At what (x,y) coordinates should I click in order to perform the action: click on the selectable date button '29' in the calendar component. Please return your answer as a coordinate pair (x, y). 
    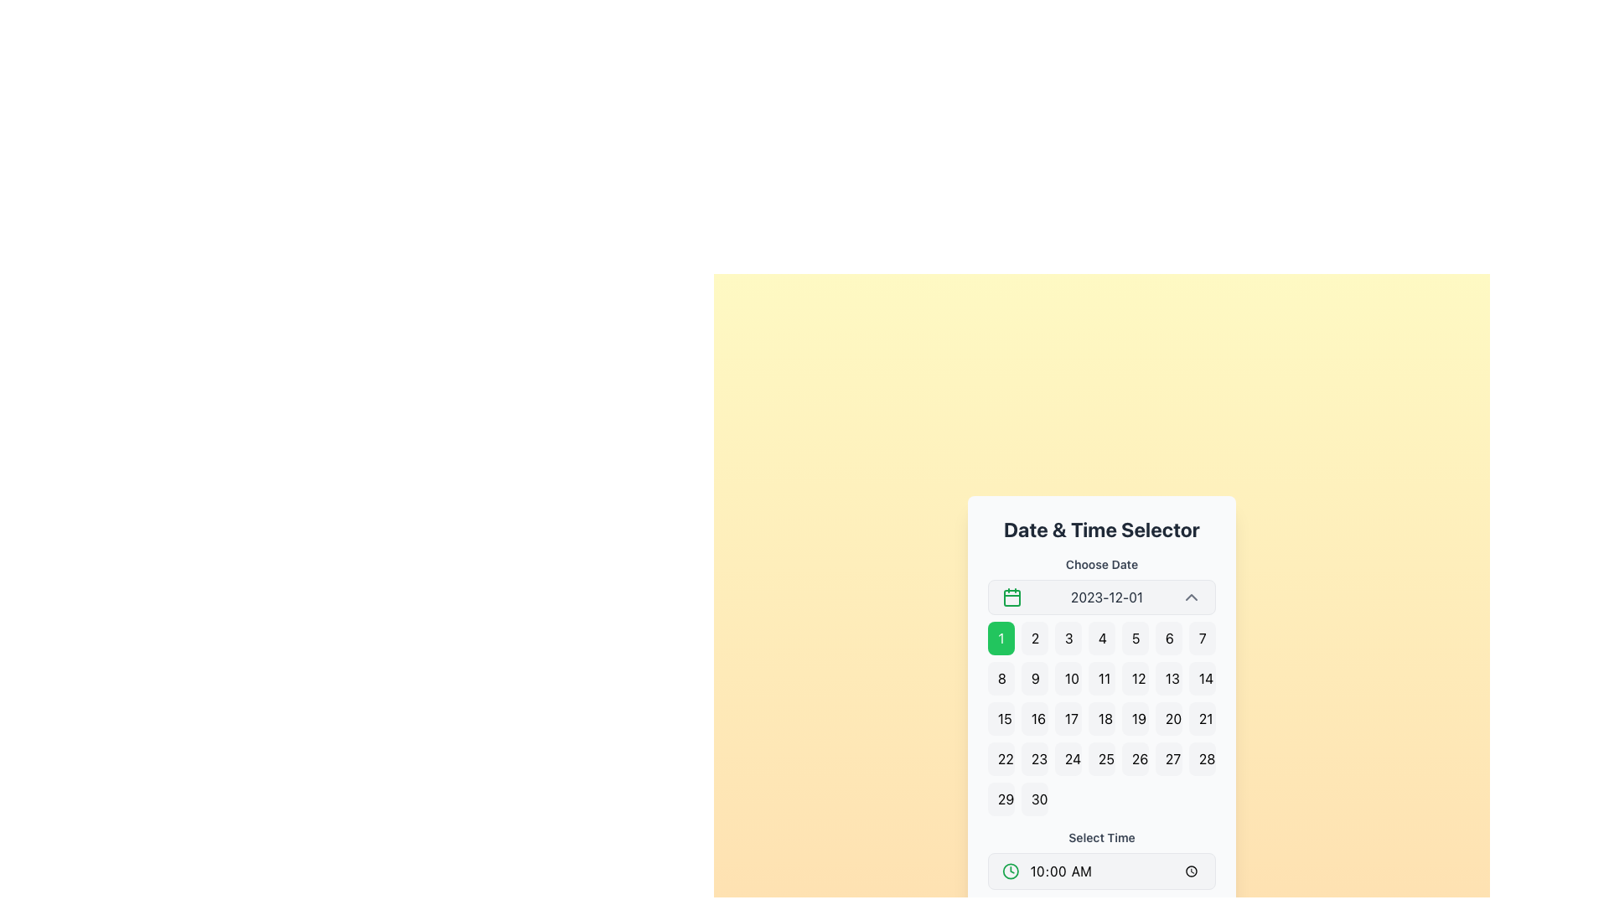
    Looking at the image, I should click on (1001, 798).